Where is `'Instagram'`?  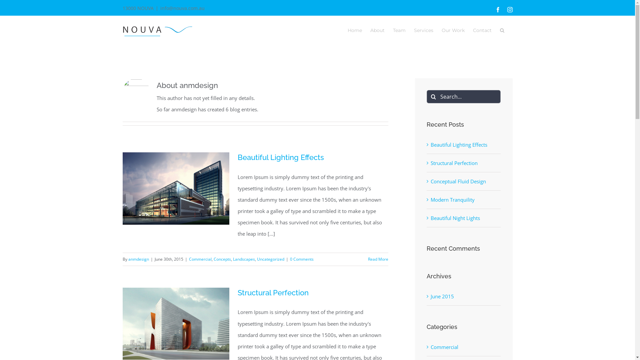 'Instagram' is located at coordinates (507, 9).